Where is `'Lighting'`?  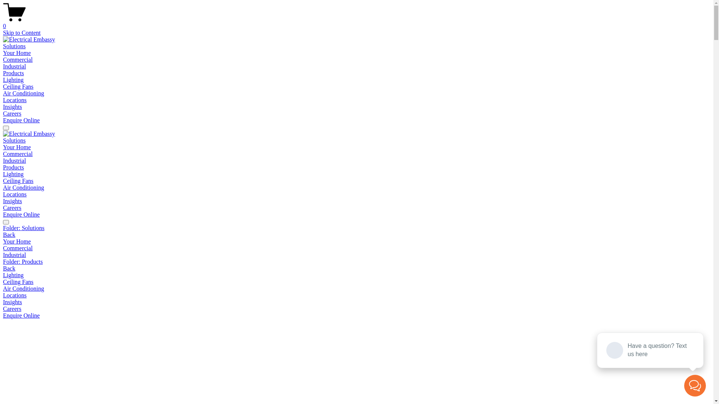
'Lighting' is located at coordinates (13, 174).